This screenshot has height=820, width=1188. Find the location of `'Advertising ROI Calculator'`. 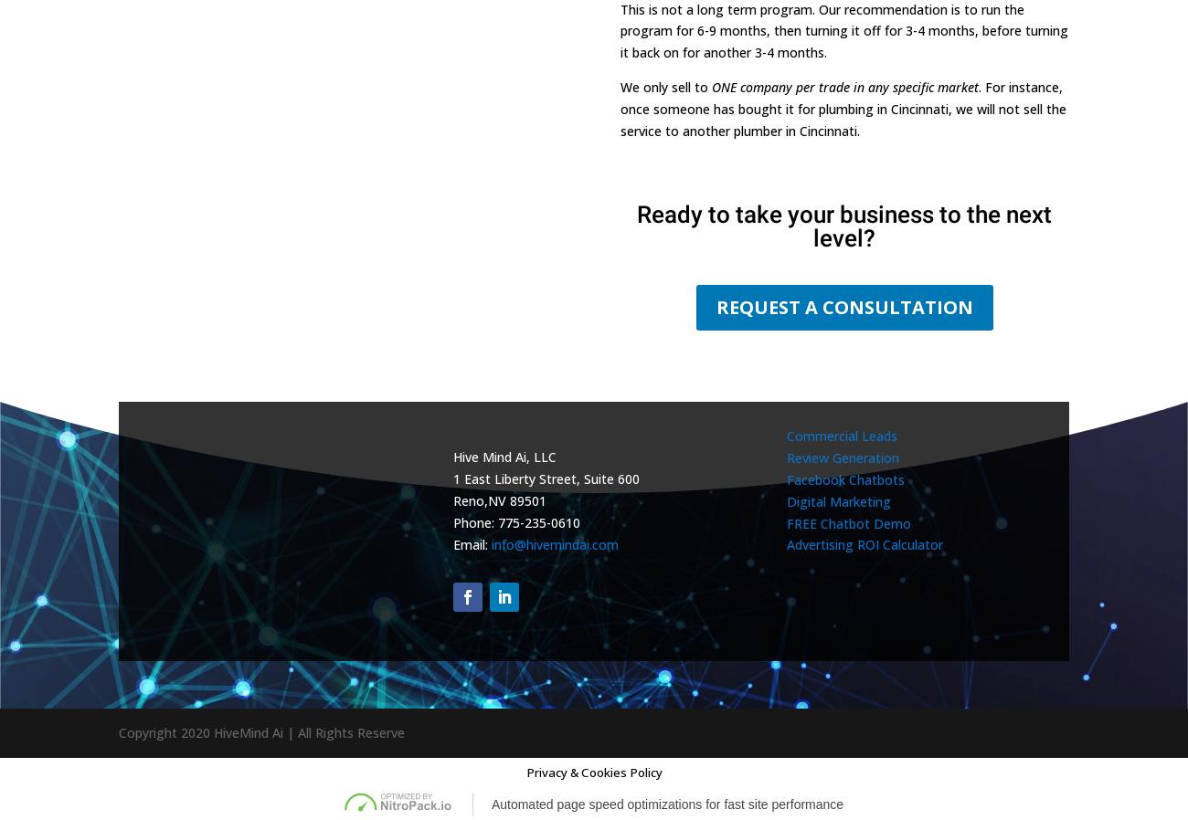

'Advertising ROI Calculator' is located at coordinates (864, 543).